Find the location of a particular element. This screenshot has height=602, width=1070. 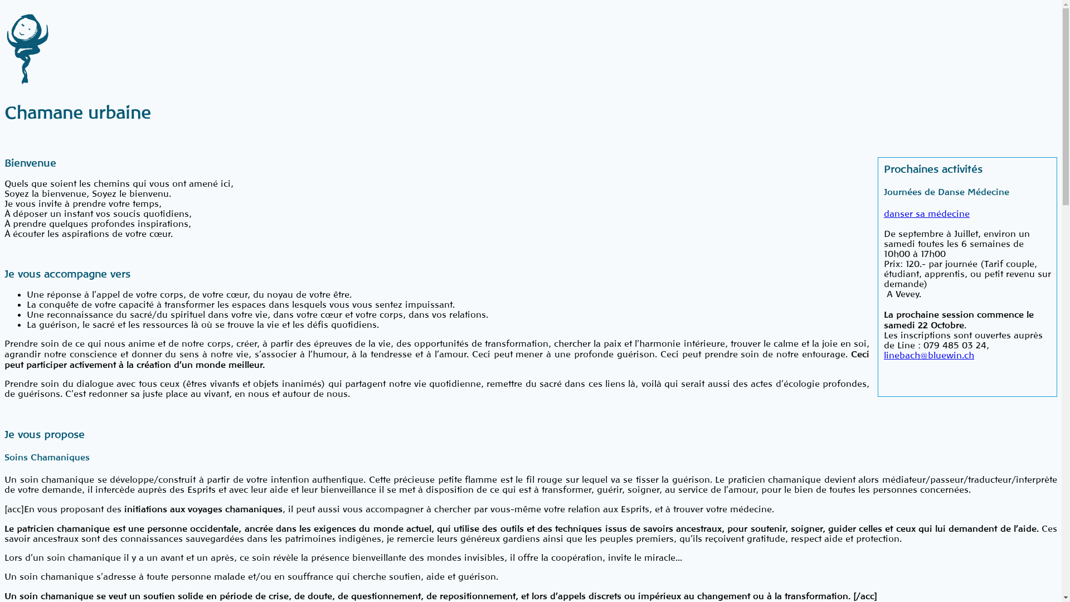

'linebach@bluewin.ch' is located at coordinates (928, 355).